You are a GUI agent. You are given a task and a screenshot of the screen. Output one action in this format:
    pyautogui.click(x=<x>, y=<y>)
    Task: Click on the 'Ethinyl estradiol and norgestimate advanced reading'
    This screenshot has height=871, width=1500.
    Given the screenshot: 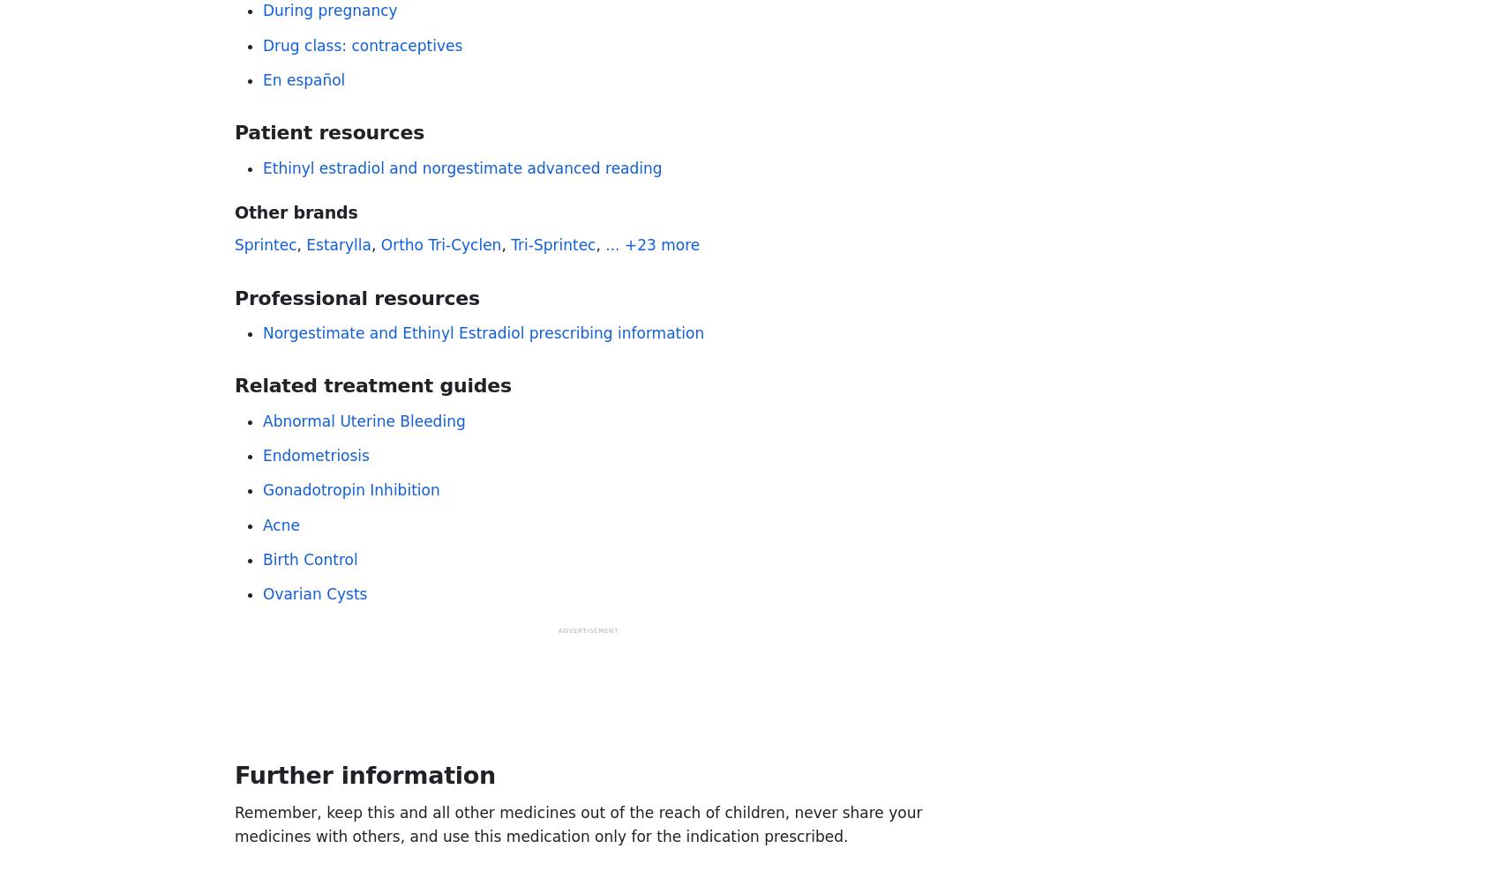 What is the action you would take?
    pyautogui.click(x=461, y=167)
    